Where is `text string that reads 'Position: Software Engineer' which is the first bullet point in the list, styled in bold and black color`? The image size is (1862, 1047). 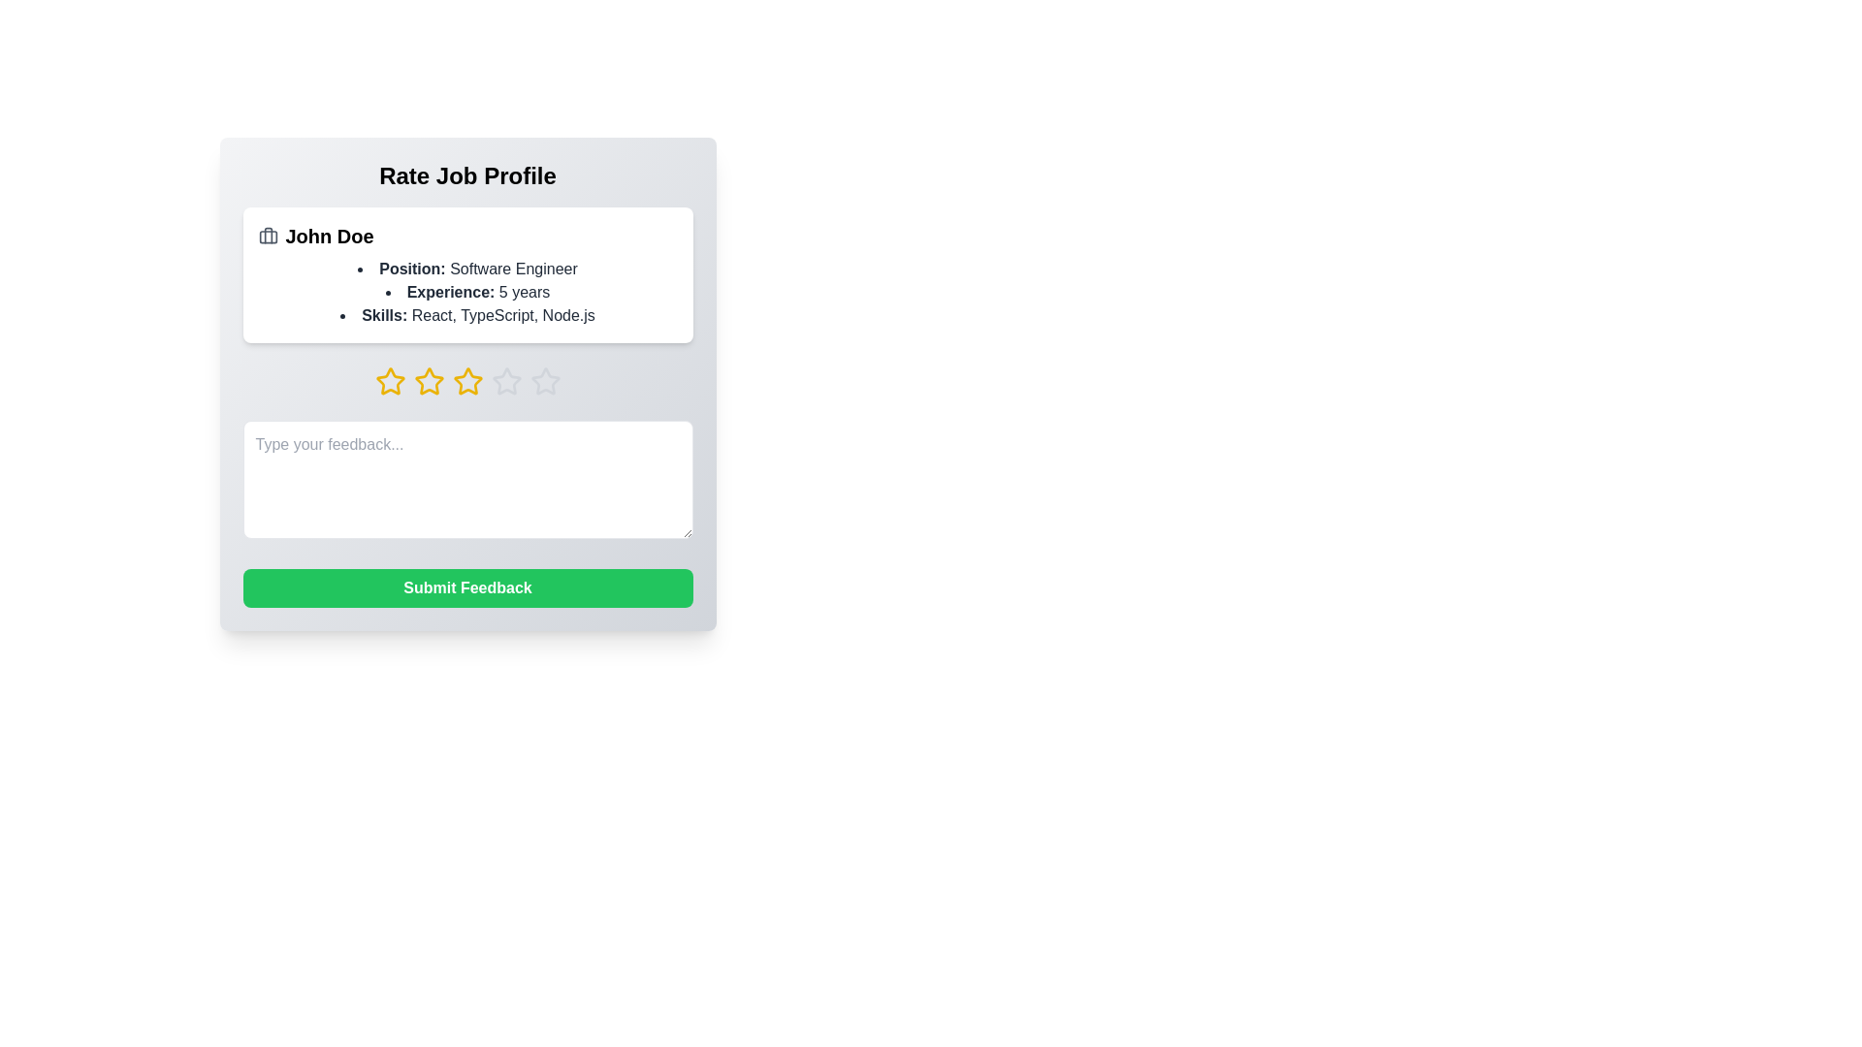 text string that reads 'Position: Software Engineer' which is the first bullet point in the list, styled in bold and black color is located at coordinates (467, 269).